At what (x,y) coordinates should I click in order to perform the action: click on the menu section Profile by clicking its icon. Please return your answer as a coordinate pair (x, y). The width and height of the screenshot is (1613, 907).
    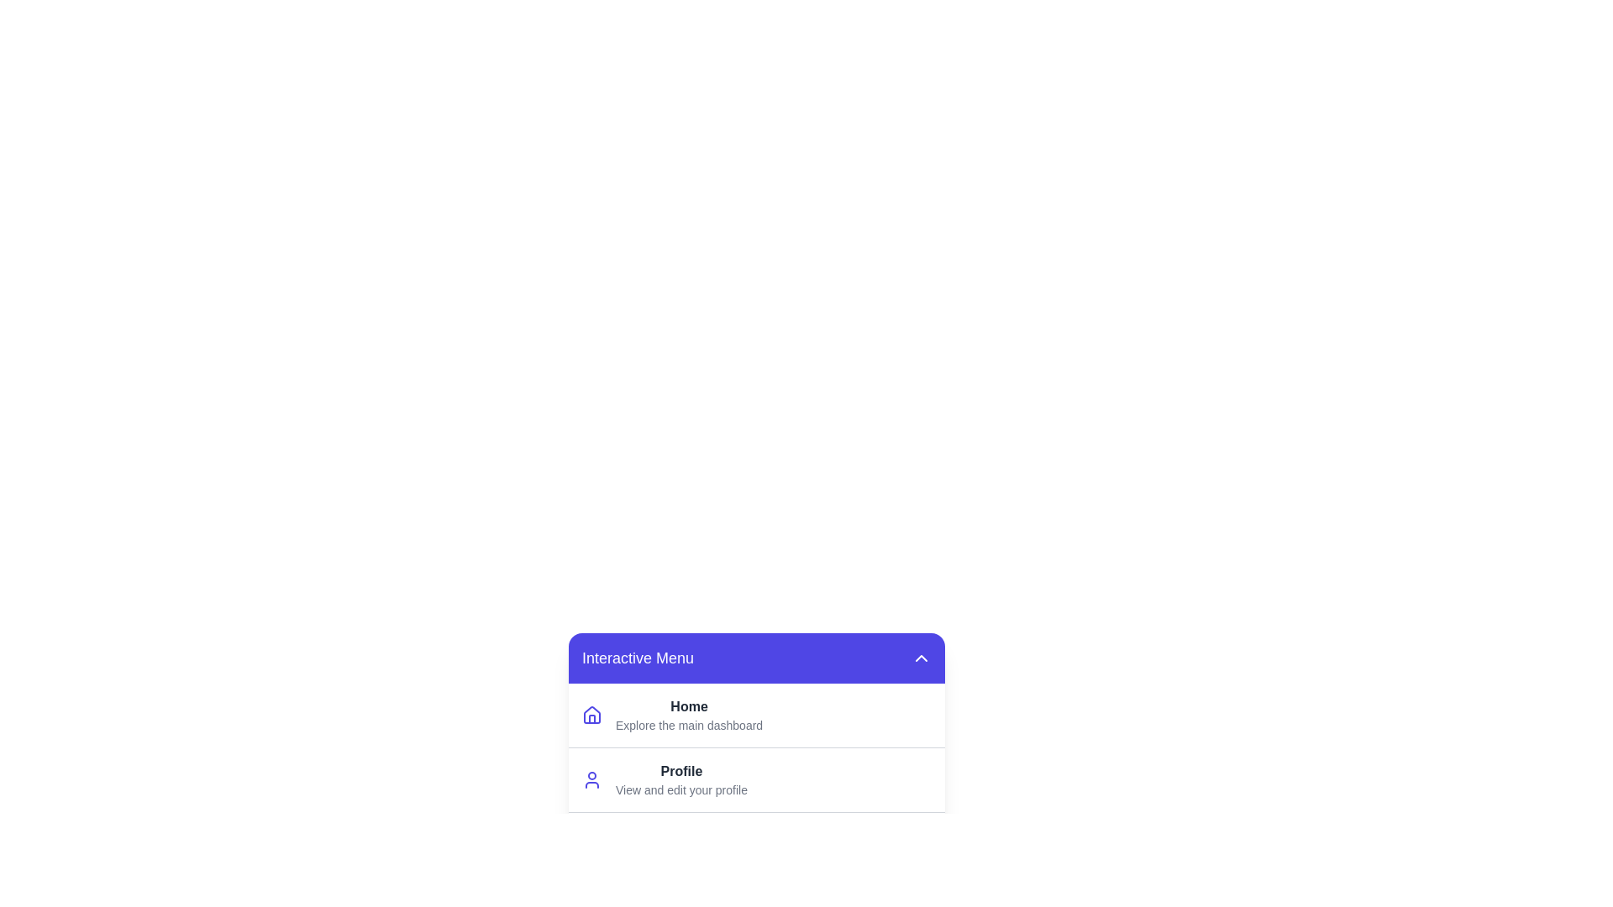
    Looking at the image, I should click on (592, 780).